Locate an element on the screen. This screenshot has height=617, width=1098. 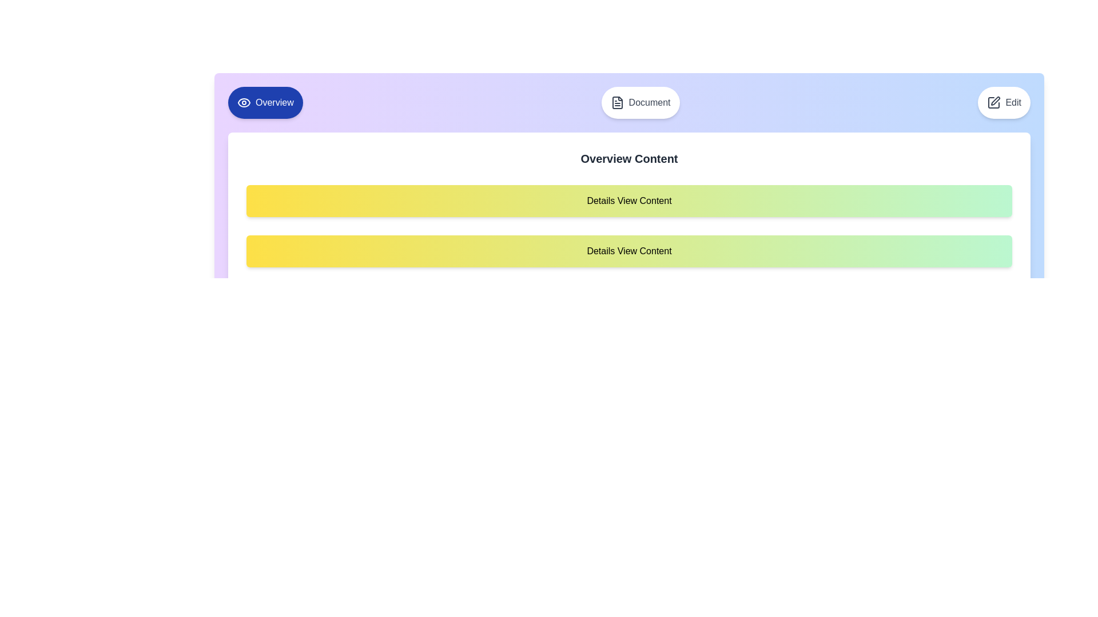
the first content block within the active tab is located at coordinates (628, 200).